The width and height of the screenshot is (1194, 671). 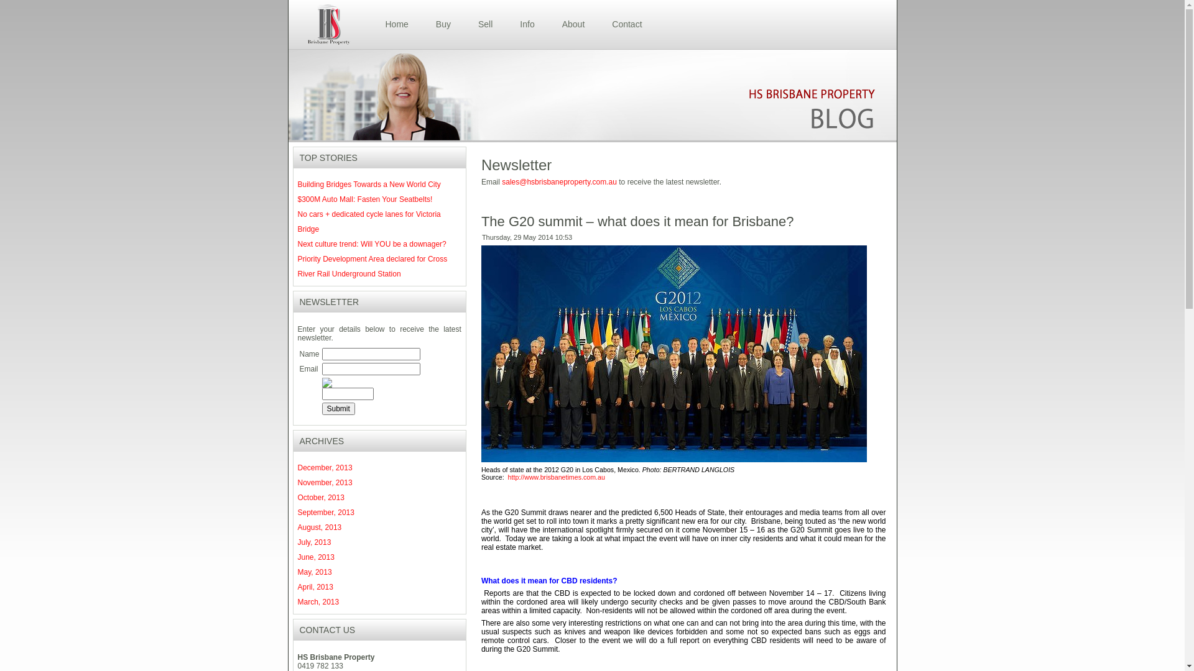 What do you see at coordinates (555, 476) in the screenshot?
I see `'http://www.brisbanetimes.com.au'` at bounding box center [555, 476].